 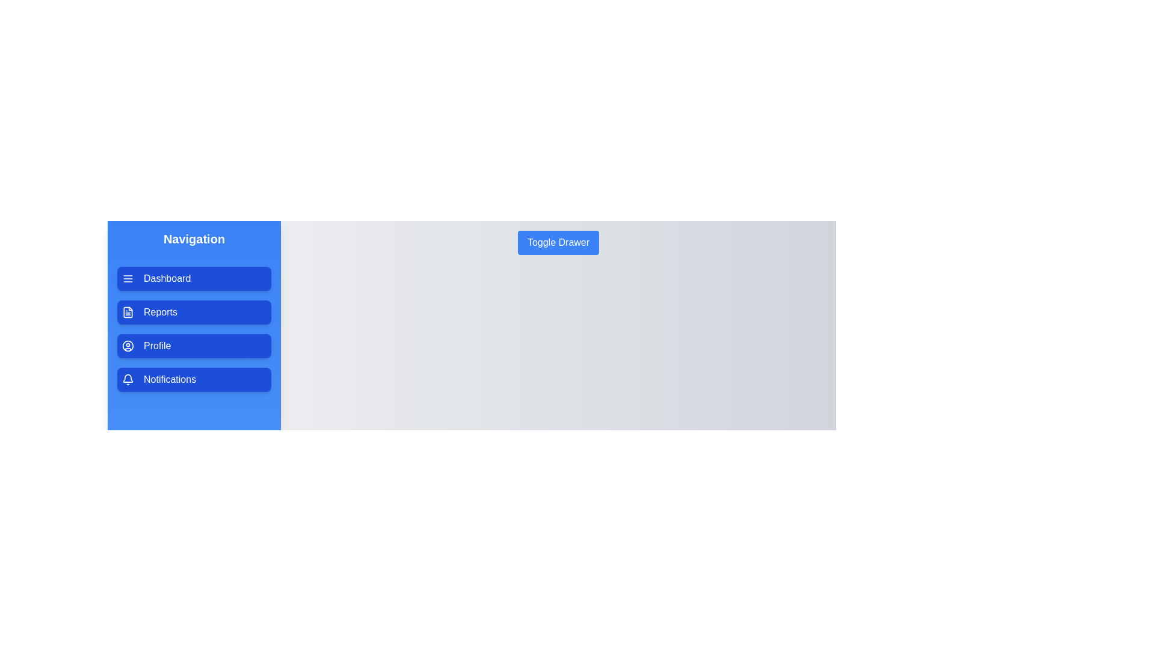 What do you see at coordinates (194, 346) in the screenshot?
I see `the menu item labeled Profile to select it` at bounding box center [194, 346].